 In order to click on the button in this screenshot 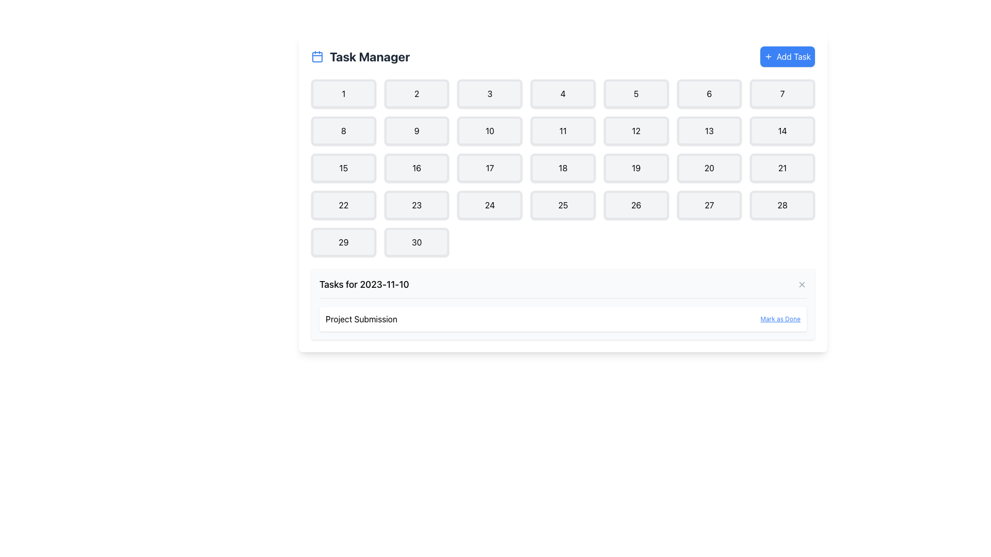, I will do `click(343, 242)`.